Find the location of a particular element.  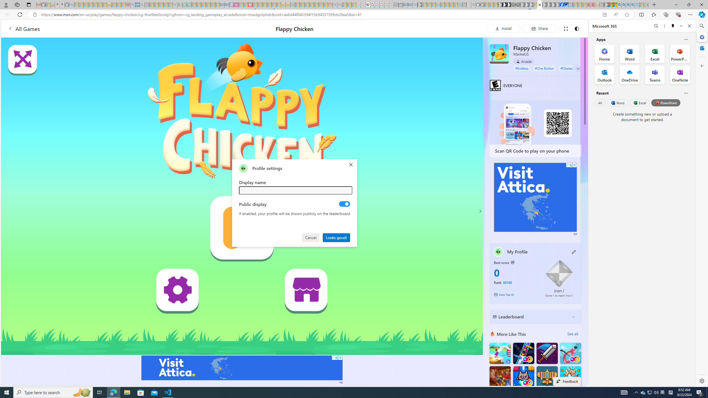

'Dungeon Master Knight' is located at coordinates (547, 353).